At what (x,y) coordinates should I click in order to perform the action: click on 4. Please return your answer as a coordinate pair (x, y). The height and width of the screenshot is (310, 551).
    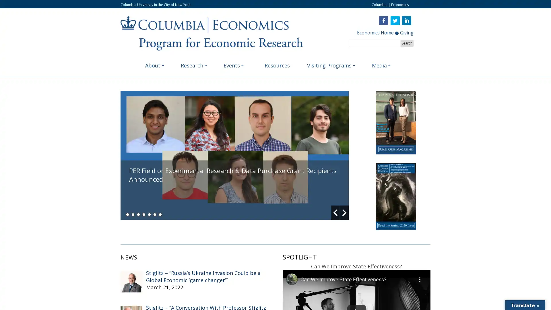
    Looking at the image, I should click on (144, 214).